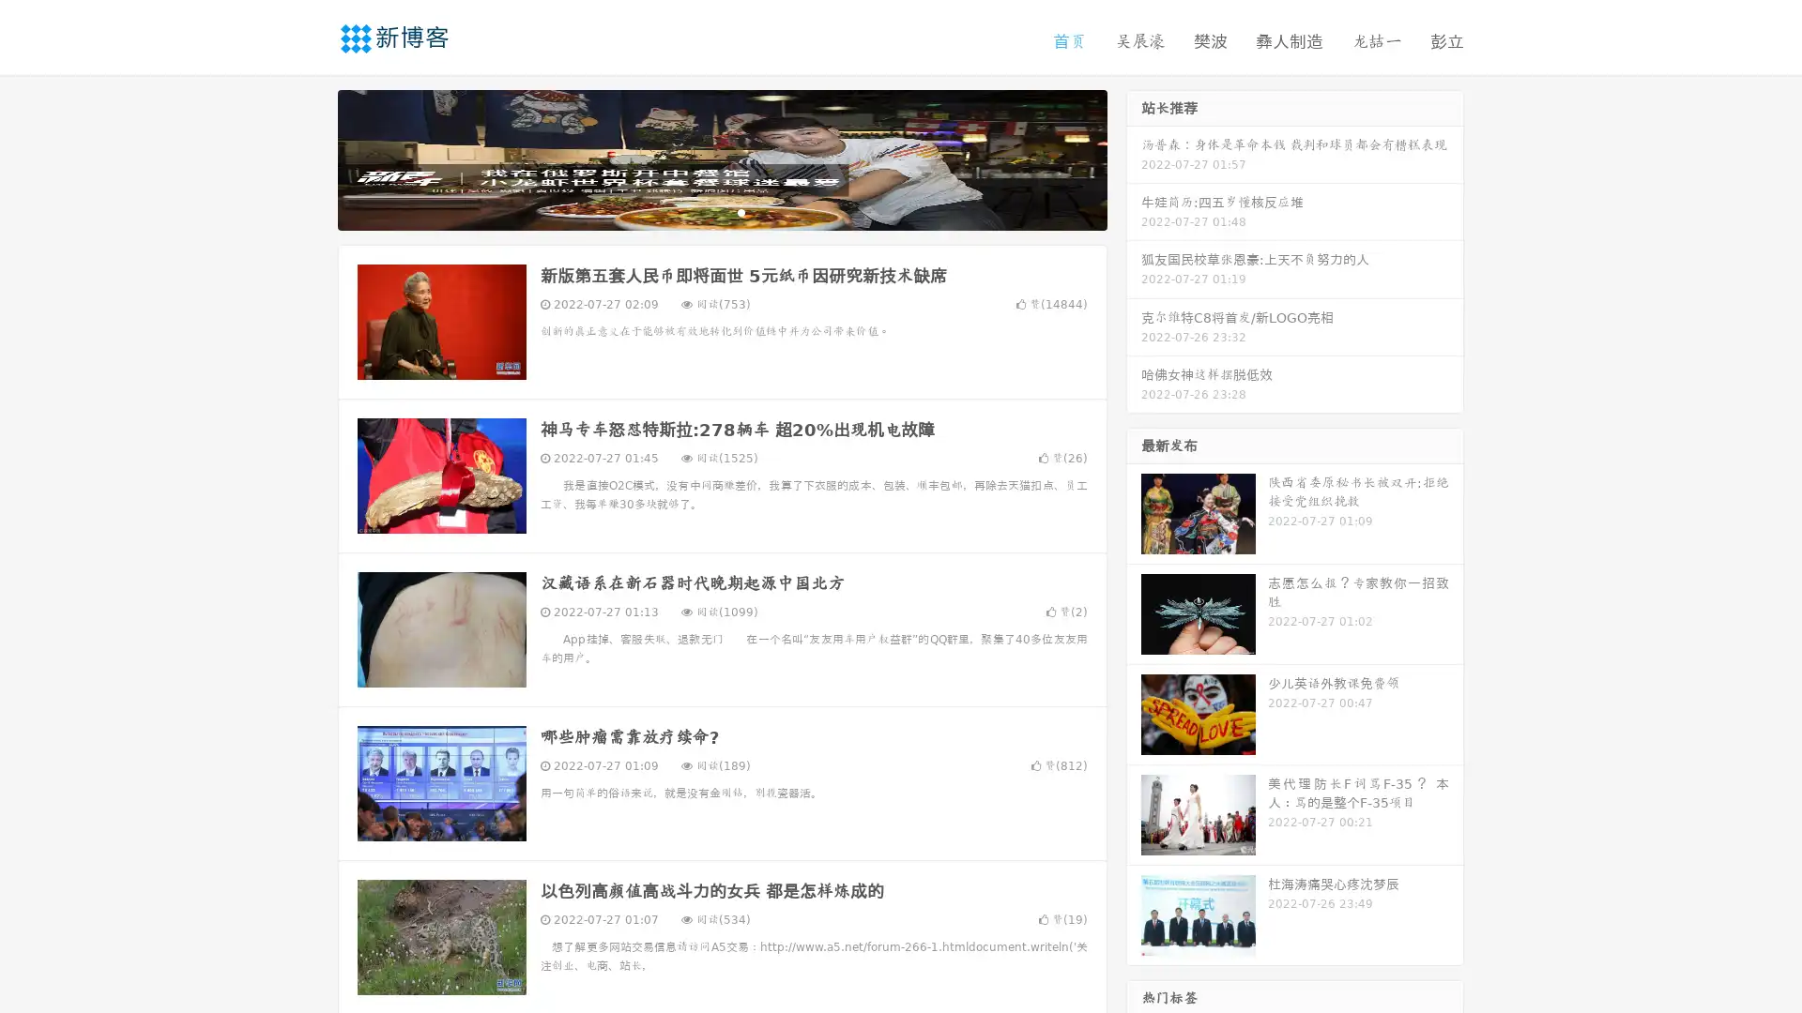  I want to click on Go to slide 2, so click(721, 211).